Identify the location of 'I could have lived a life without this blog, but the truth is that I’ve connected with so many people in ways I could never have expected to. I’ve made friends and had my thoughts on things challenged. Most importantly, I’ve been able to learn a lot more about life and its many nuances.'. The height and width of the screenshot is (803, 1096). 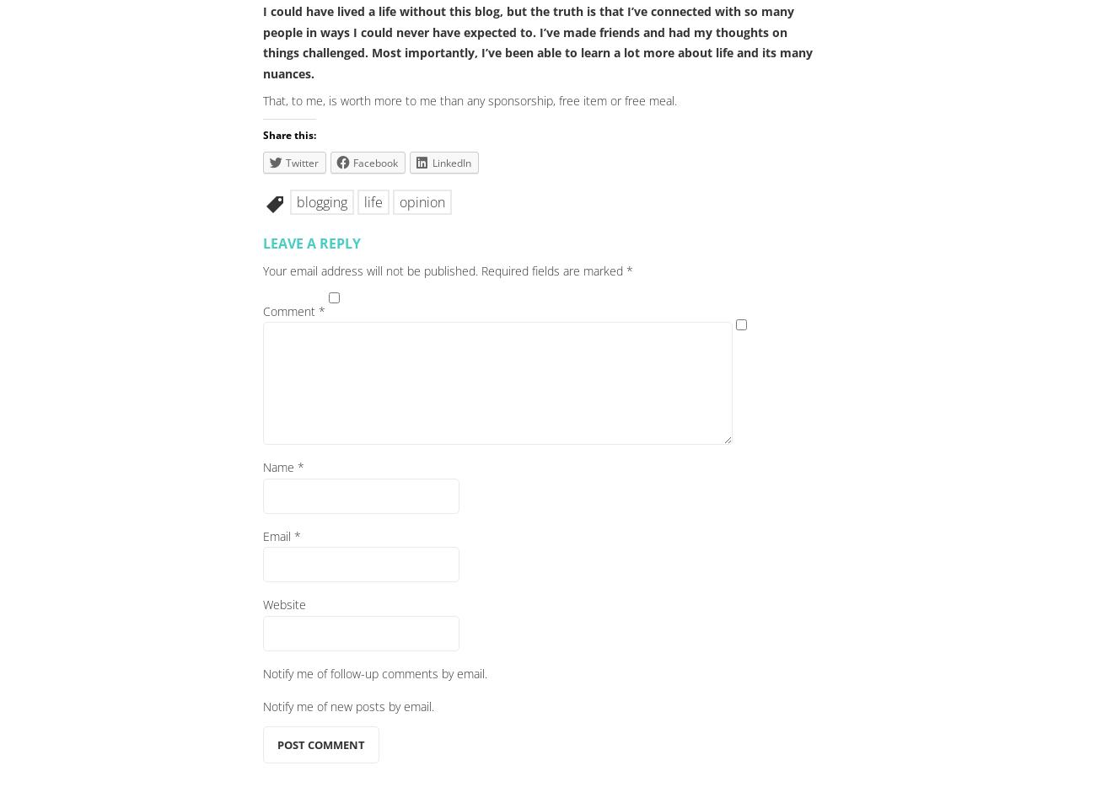
(538, 41).